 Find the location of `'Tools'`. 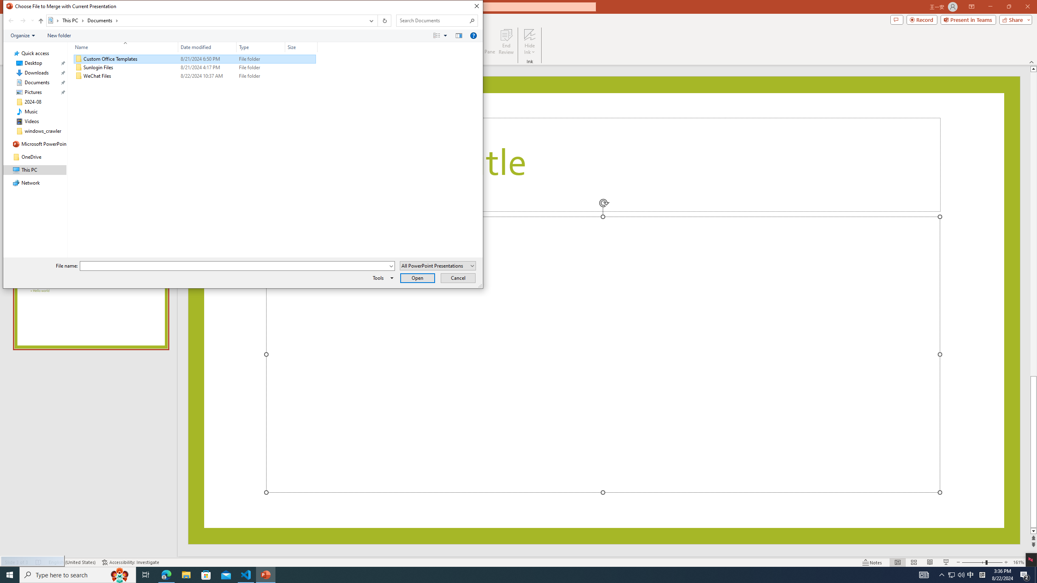

'Tools' is located at coordinates (381, 277).